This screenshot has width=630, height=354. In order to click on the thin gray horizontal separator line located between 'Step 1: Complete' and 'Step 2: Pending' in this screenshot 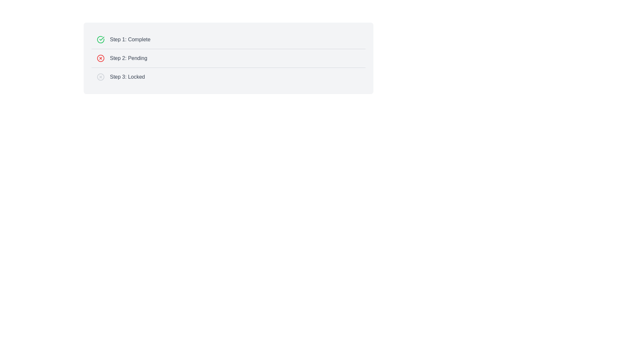, I will do `click(228, 49)`.